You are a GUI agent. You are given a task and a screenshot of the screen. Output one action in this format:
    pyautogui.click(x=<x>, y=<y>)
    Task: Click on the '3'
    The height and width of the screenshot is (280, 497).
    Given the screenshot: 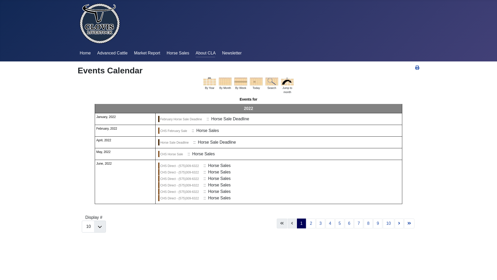 What is the action you would take?
    pyautogui.click(x=316, y=223)
    